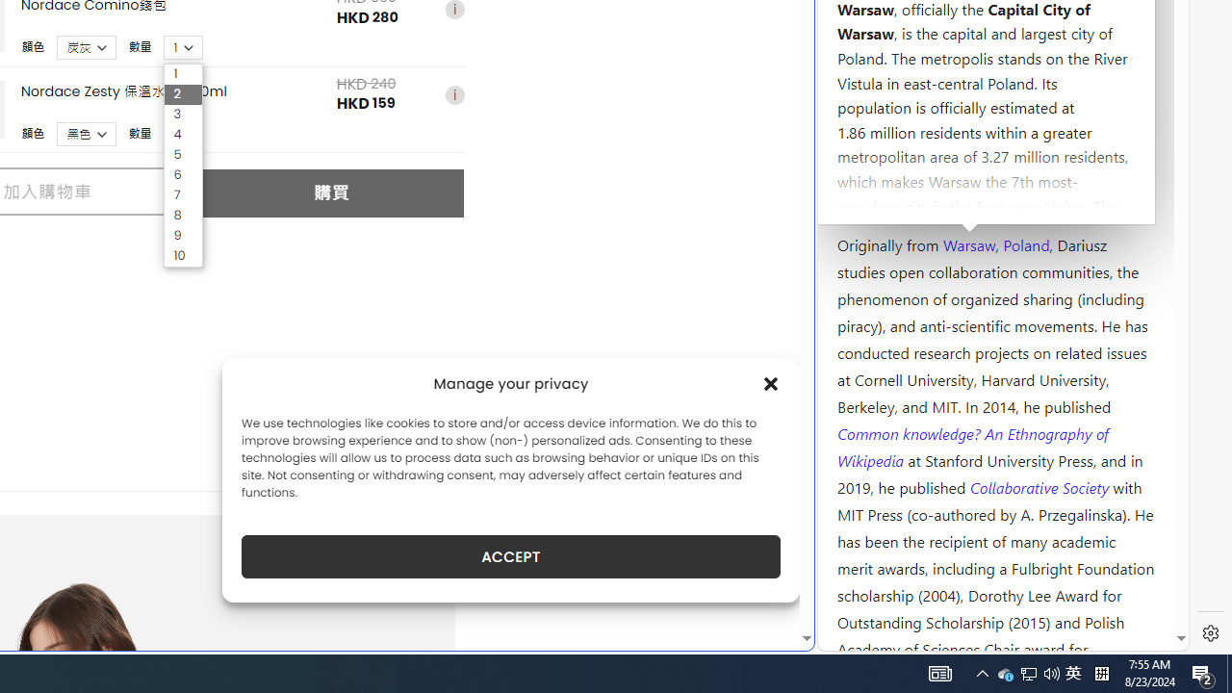 This screenshot has height=693, width=1232. I want to click on 'Poland', so click(1025, 243).